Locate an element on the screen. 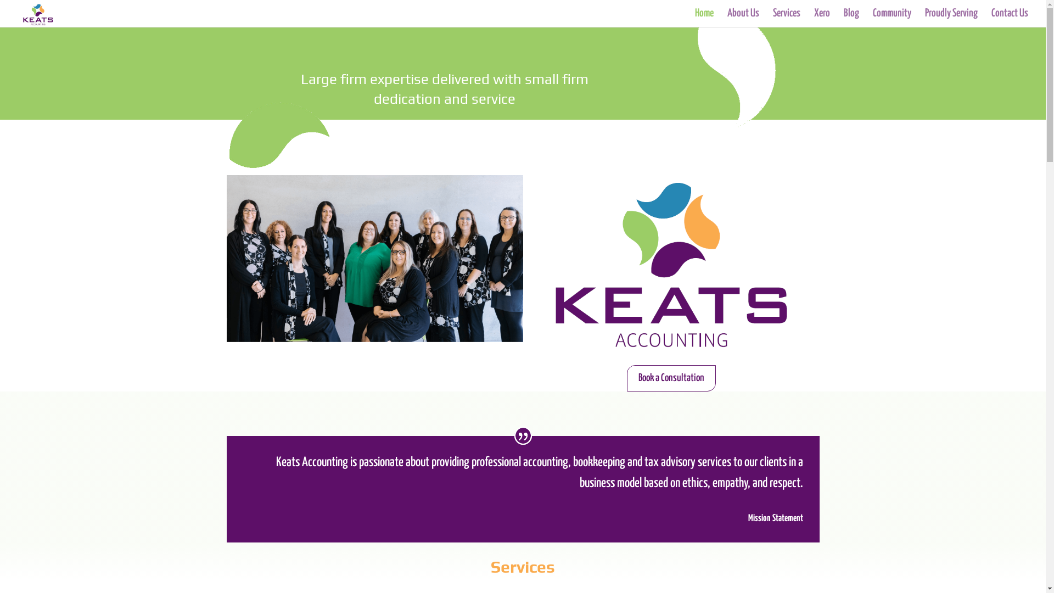  'About Us' is located at coordinates (727, 19).